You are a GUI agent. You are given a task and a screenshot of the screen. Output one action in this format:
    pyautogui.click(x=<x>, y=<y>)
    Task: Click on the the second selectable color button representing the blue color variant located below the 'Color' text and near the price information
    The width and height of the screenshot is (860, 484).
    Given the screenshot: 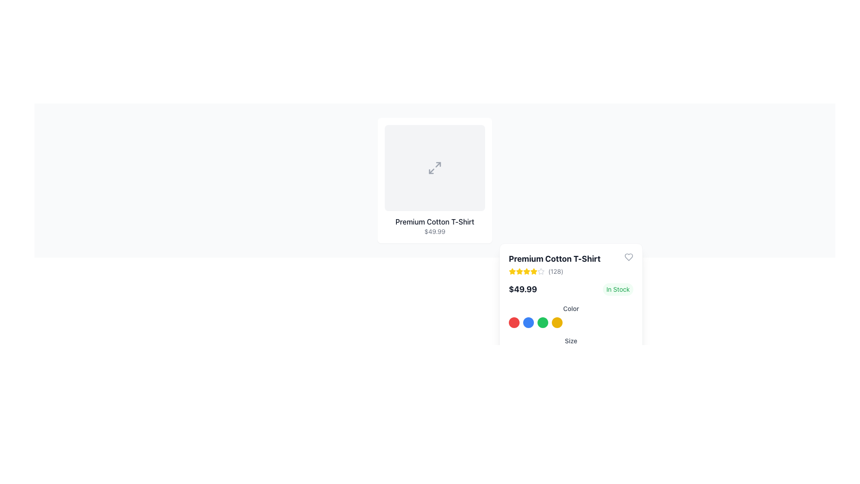 What is the action you would take?
    pyautogui.click(x=529, y=323)
    